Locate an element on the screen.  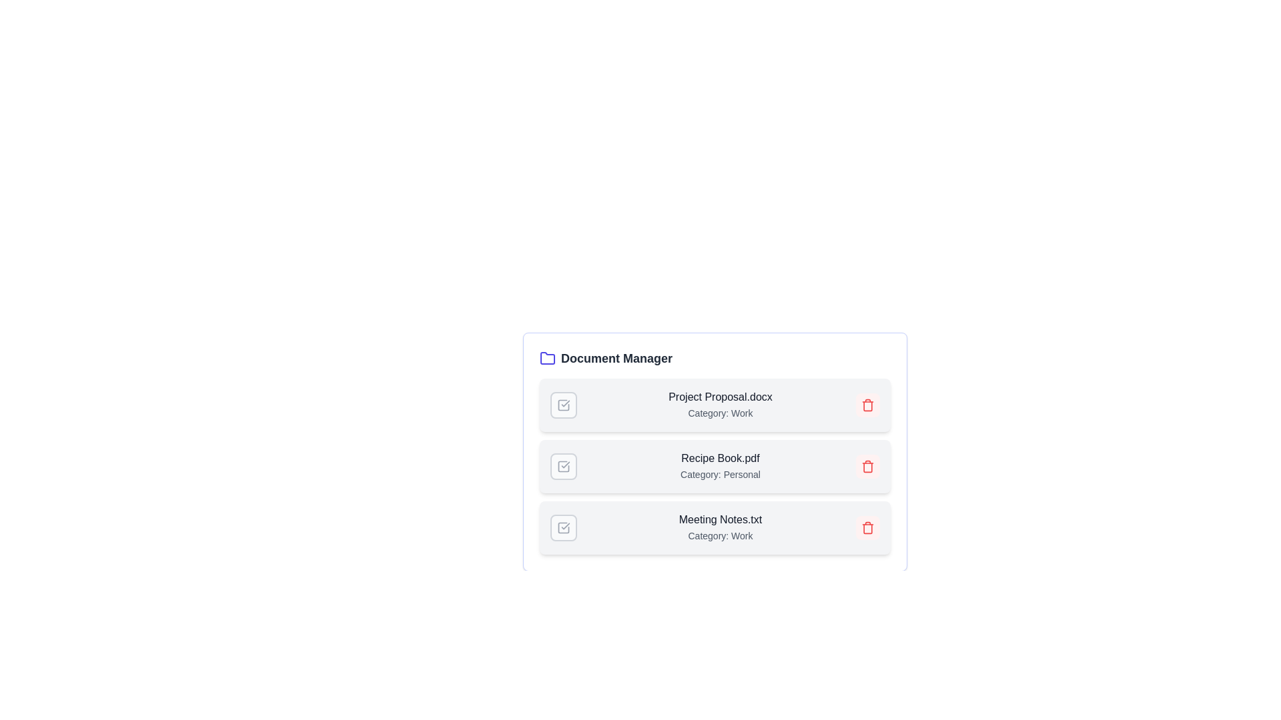
blue folder icon with rounded corners located next to the 'Document Manager' title for informational purposes is located at coordinates (547, 357).